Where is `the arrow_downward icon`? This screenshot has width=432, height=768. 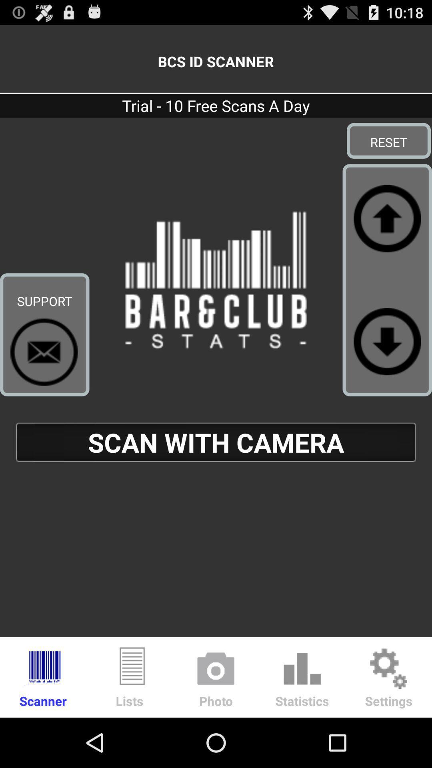
the arrow_downward icon is located at coordinates (387, 365).